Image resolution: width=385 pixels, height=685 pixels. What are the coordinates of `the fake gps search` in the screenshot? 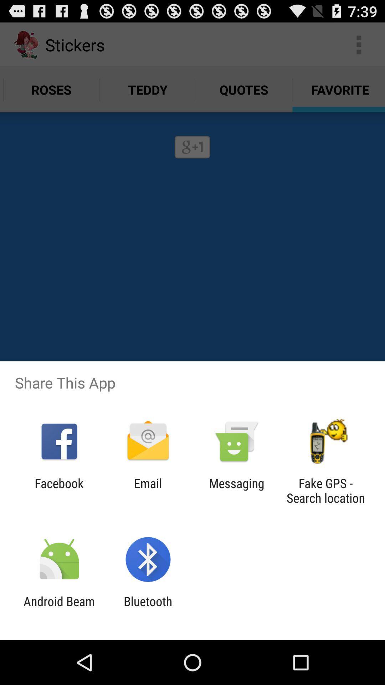 It's located at (325, 490).